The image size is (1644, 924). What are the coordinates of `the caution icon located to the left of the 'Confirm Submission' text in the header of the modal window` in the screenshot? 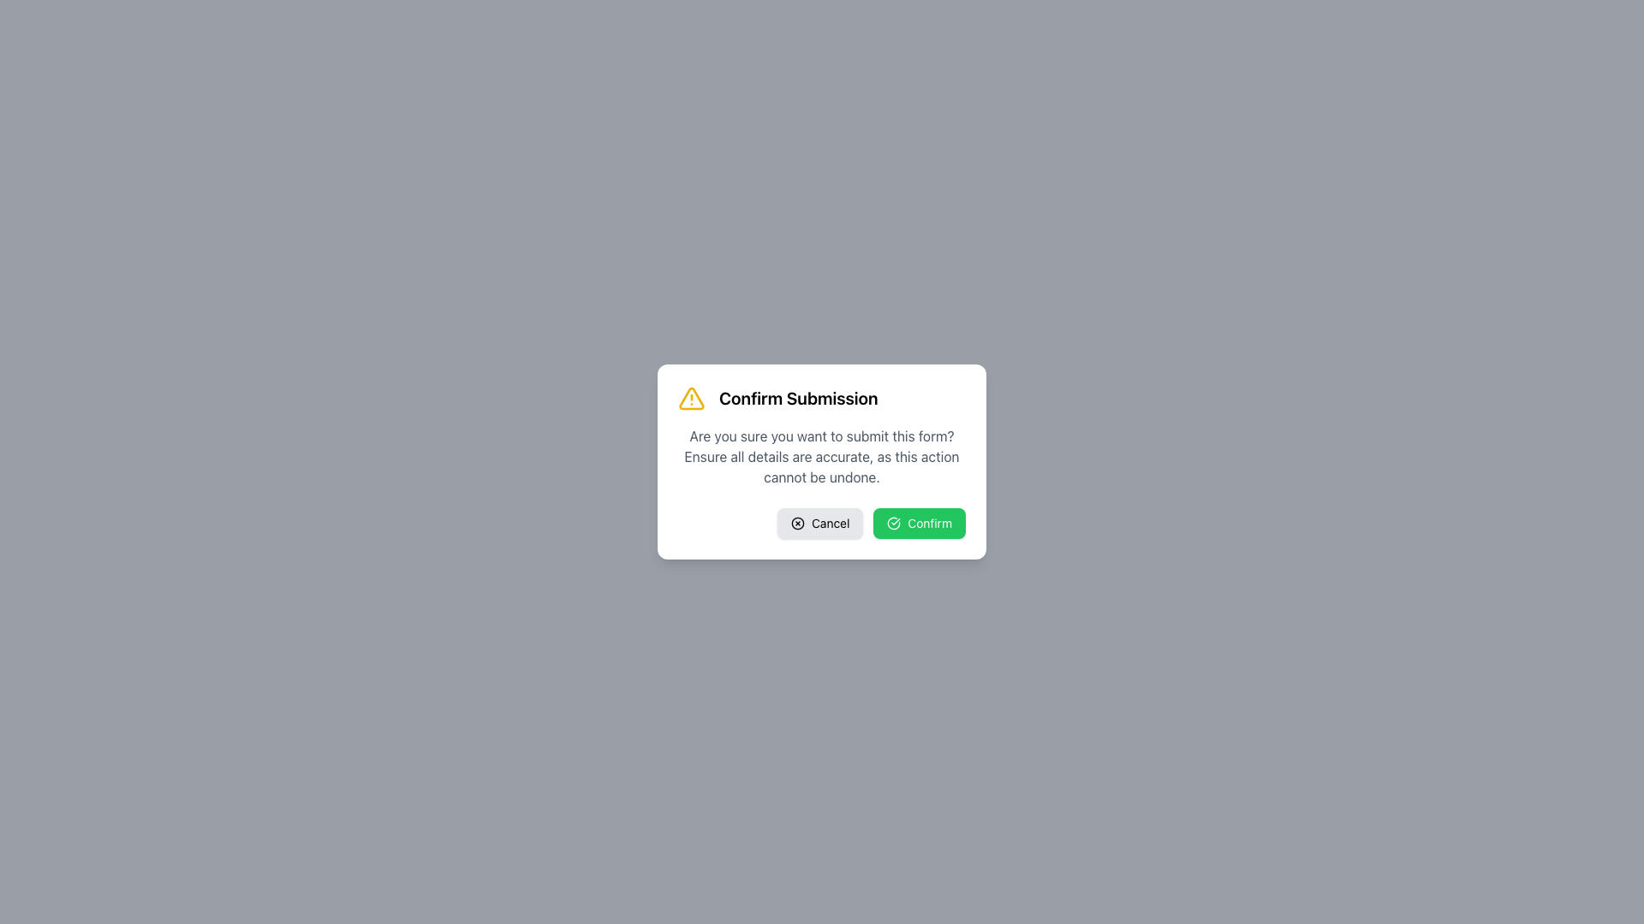 It's located at (691, 399).